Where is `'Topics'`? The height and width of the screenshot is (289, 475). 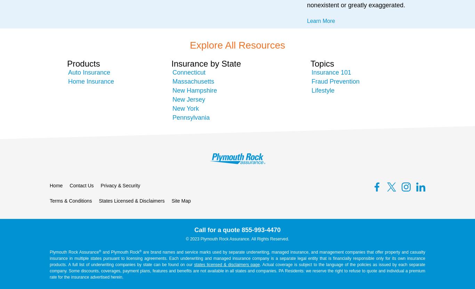
'Topics' is located at coordinates (322, 63).